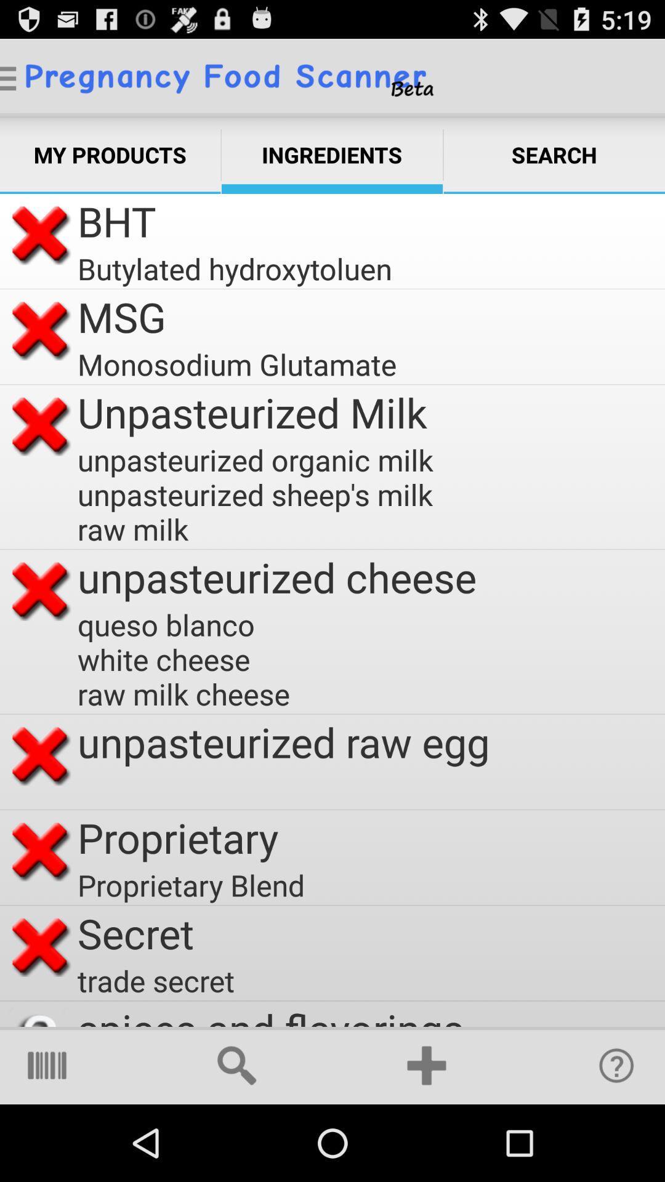 Image resolution: width=665 pixels, height=1182 pixels. Describe the element at coordinates (235, 268) in the screenshot. I see `item below the bht` at that location.